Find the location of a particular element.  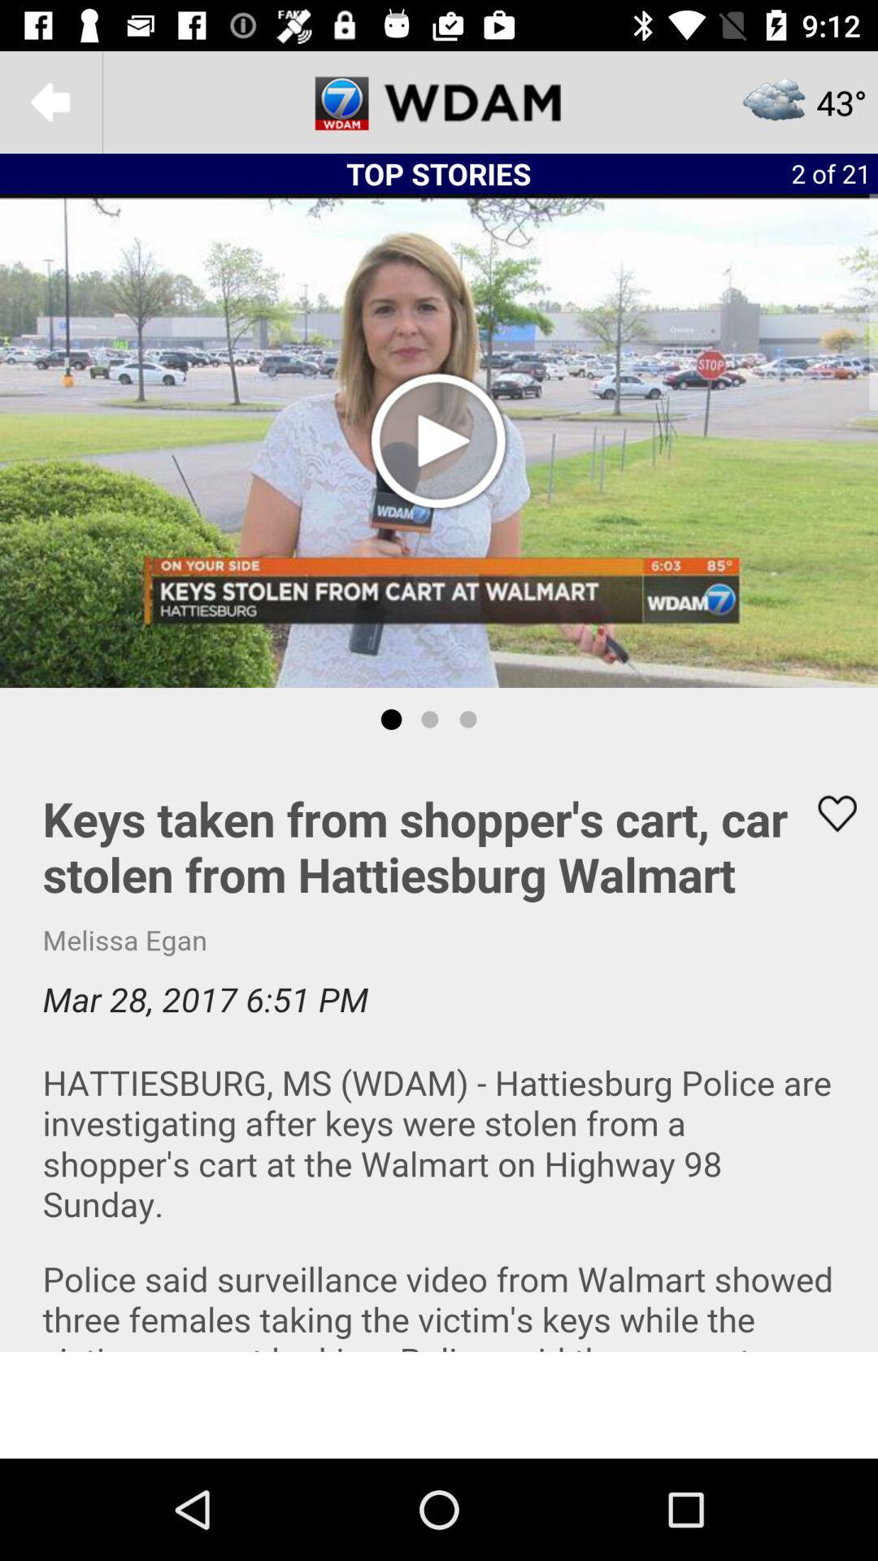

click the wdam logo is located at coordinates (439, 101).